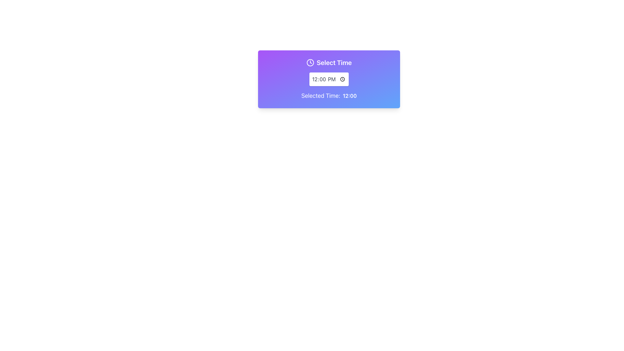 This screenshot has height=351, width=624. What do you see at coordinates (334, 62) in the screenshot?
I see `the 'Select Time' text label, which is a bold, white label against a gradient background, located in the upper central area of a card layout` at bounding box center [334, 62].